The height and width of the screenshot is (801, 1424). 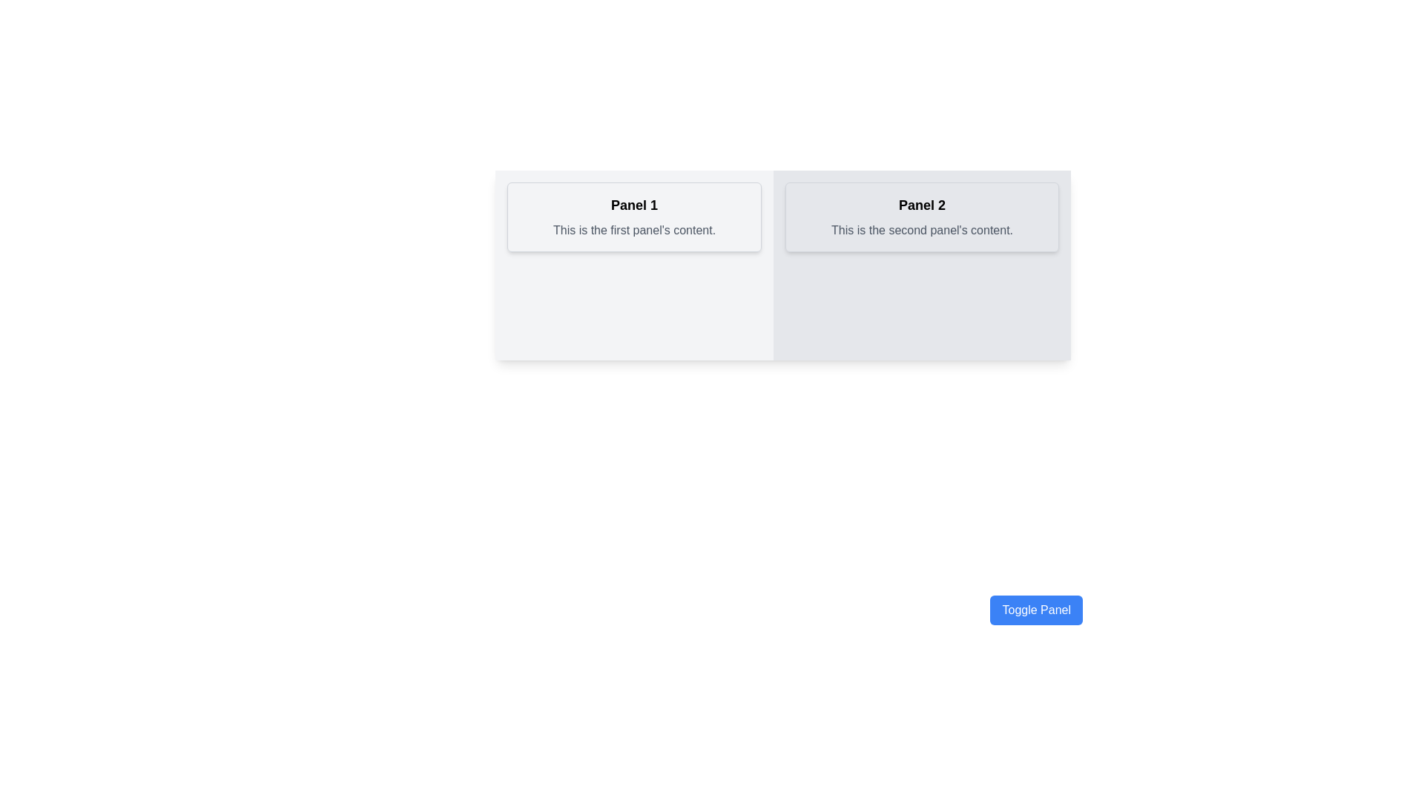 I want to click on the 'Toggle Panel' button, which is a rectangular button with a blue background and rounded corners, so click(x=1035, y=610).